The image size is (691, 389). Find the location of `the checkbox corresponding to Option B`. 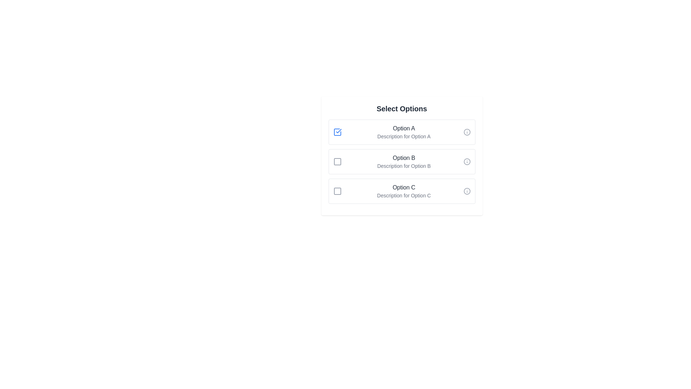

the checkbox corresponding to Option B is located at coordinates (337, 161).